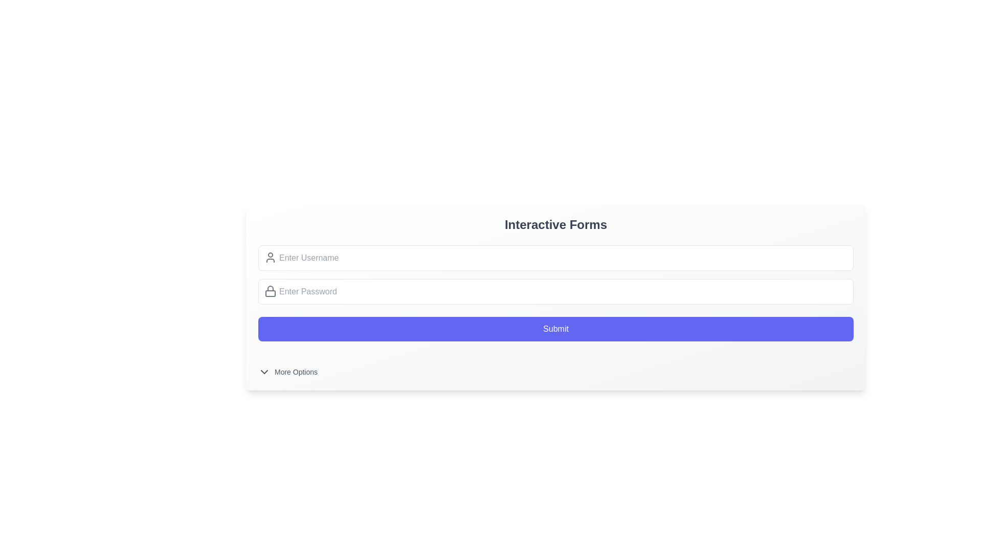 This screenshot has height=552, width=982. Describe the element at coordinates (270, 293) in the screenshot. I see `the rectangular body of the lock icon, which is located to the left of the 'Enter Password' input field within the form area` at that location.